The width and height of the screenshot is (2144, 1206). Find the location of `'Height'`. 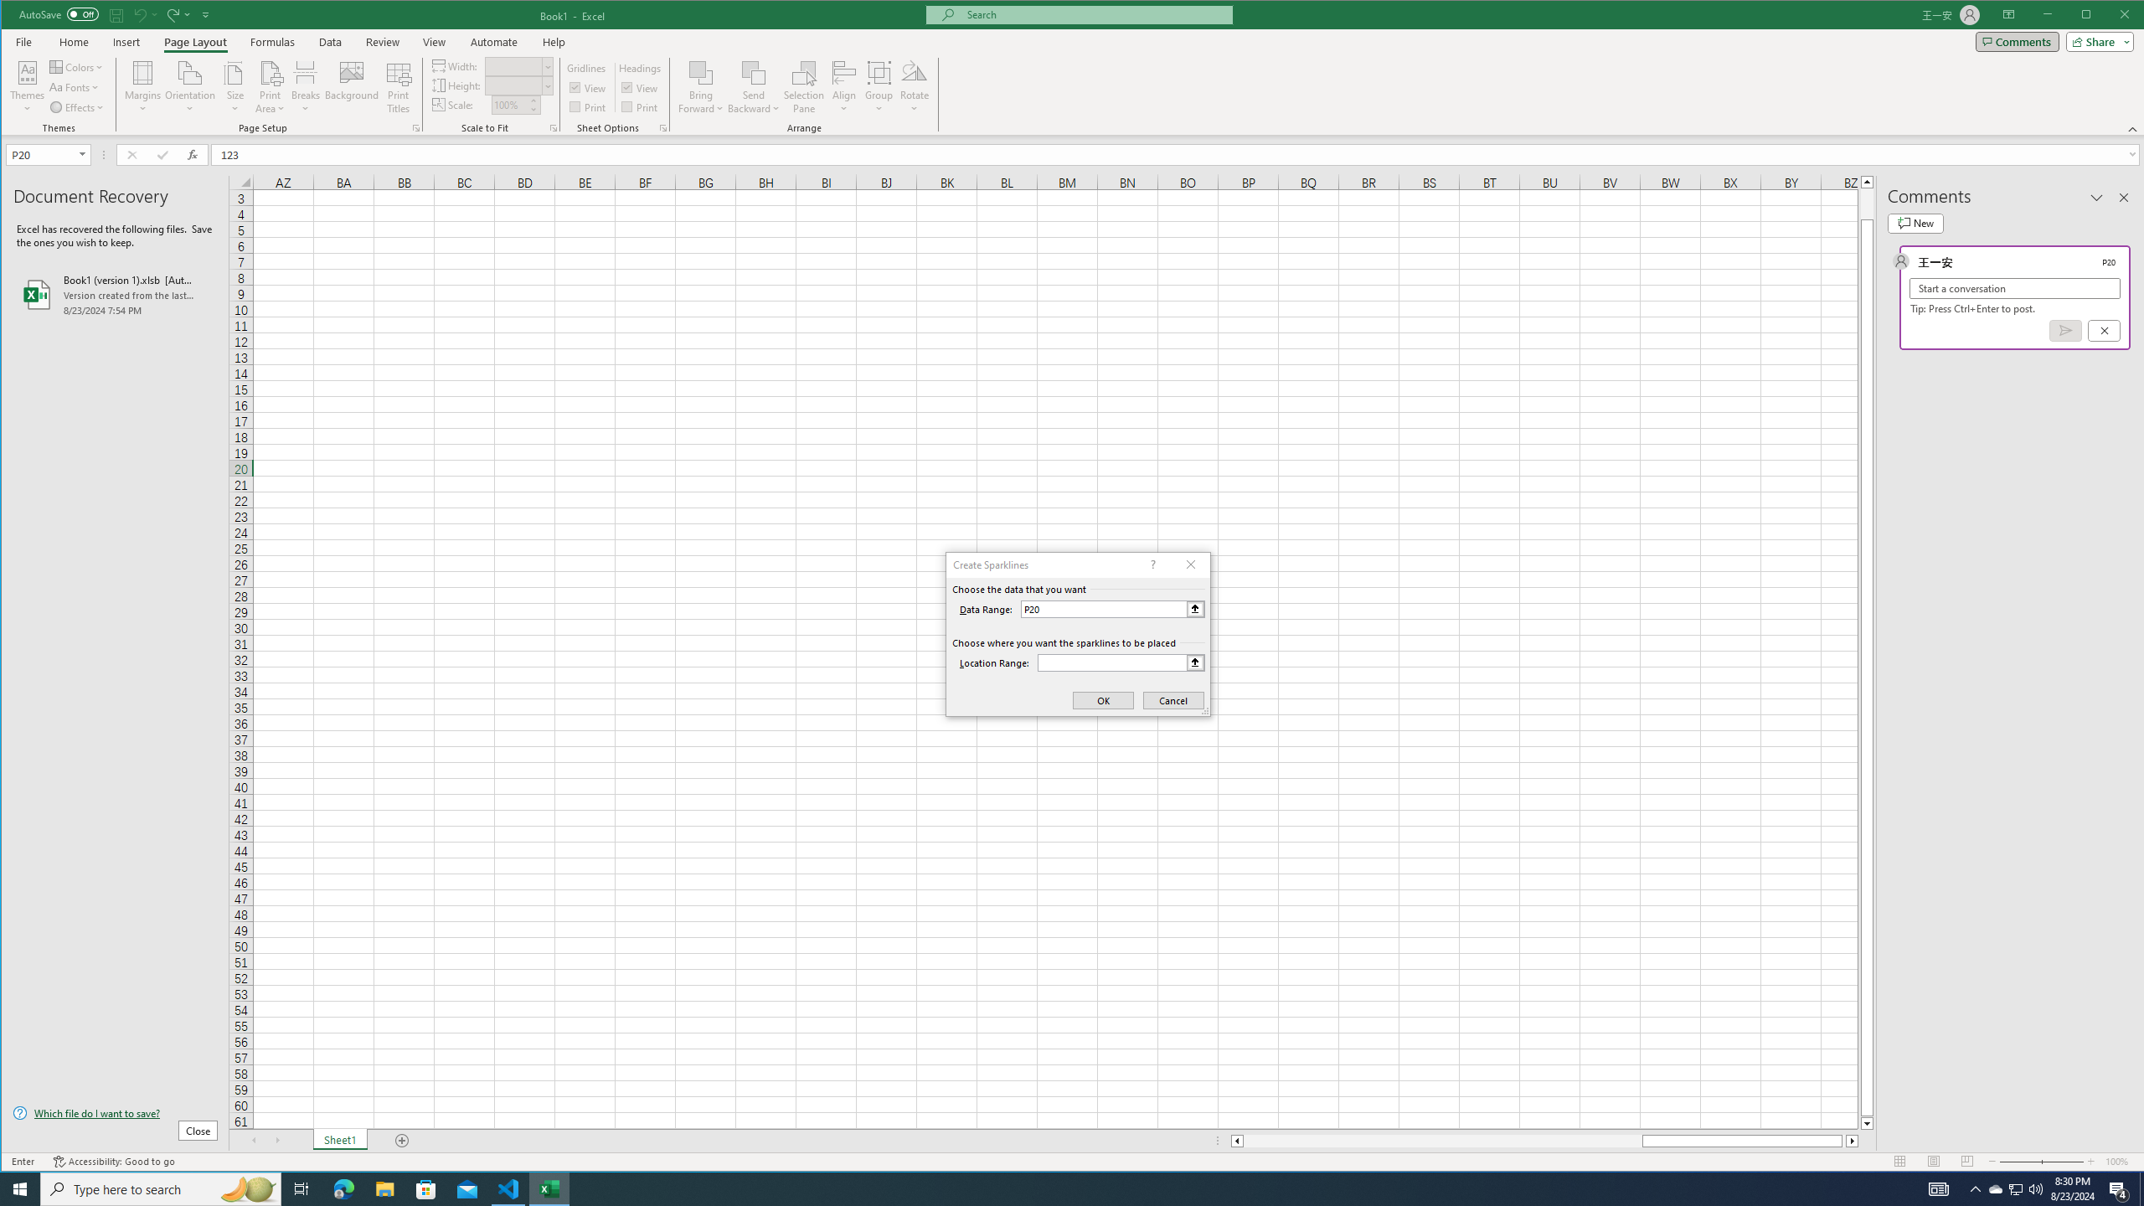

'Height' is located at coordinates (513, 85).